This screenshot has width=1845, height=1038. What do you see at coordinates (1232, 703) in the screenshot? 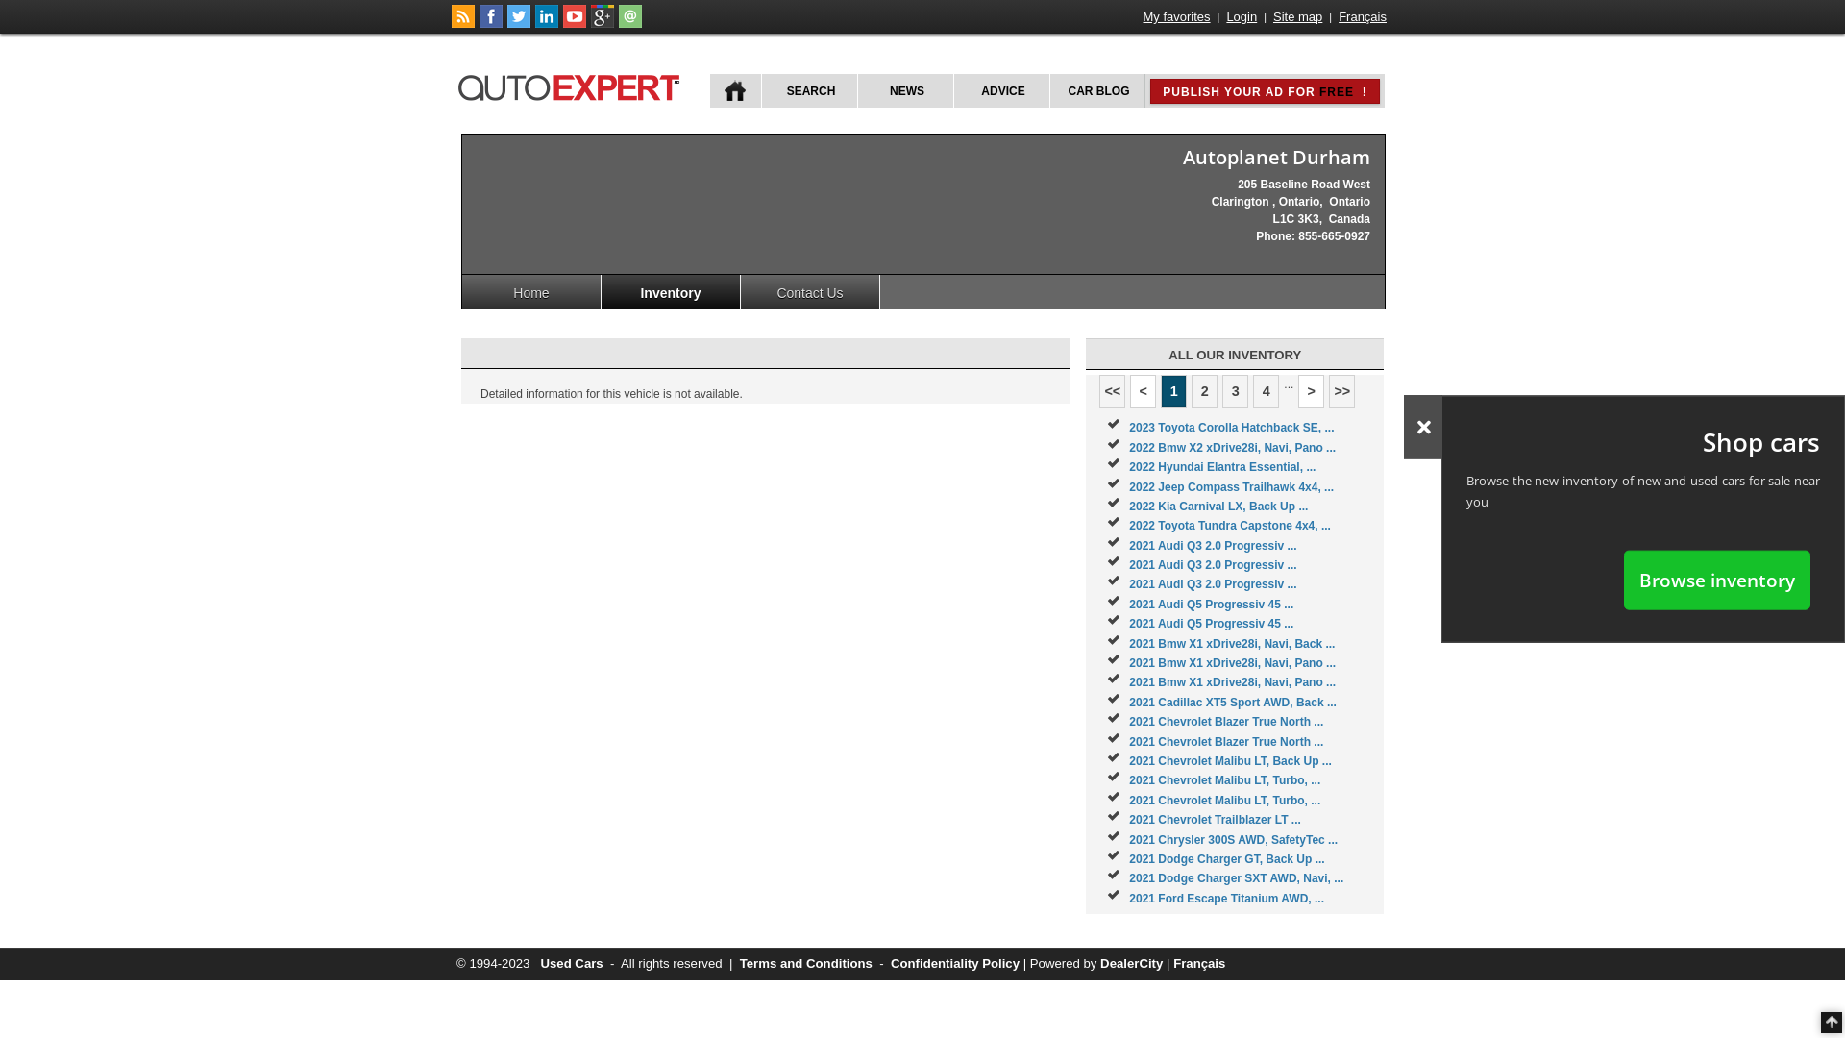
I see `'2021 Cadillac XT5 Sport AWD, Back ...'` at bounding box center [1232, 703].